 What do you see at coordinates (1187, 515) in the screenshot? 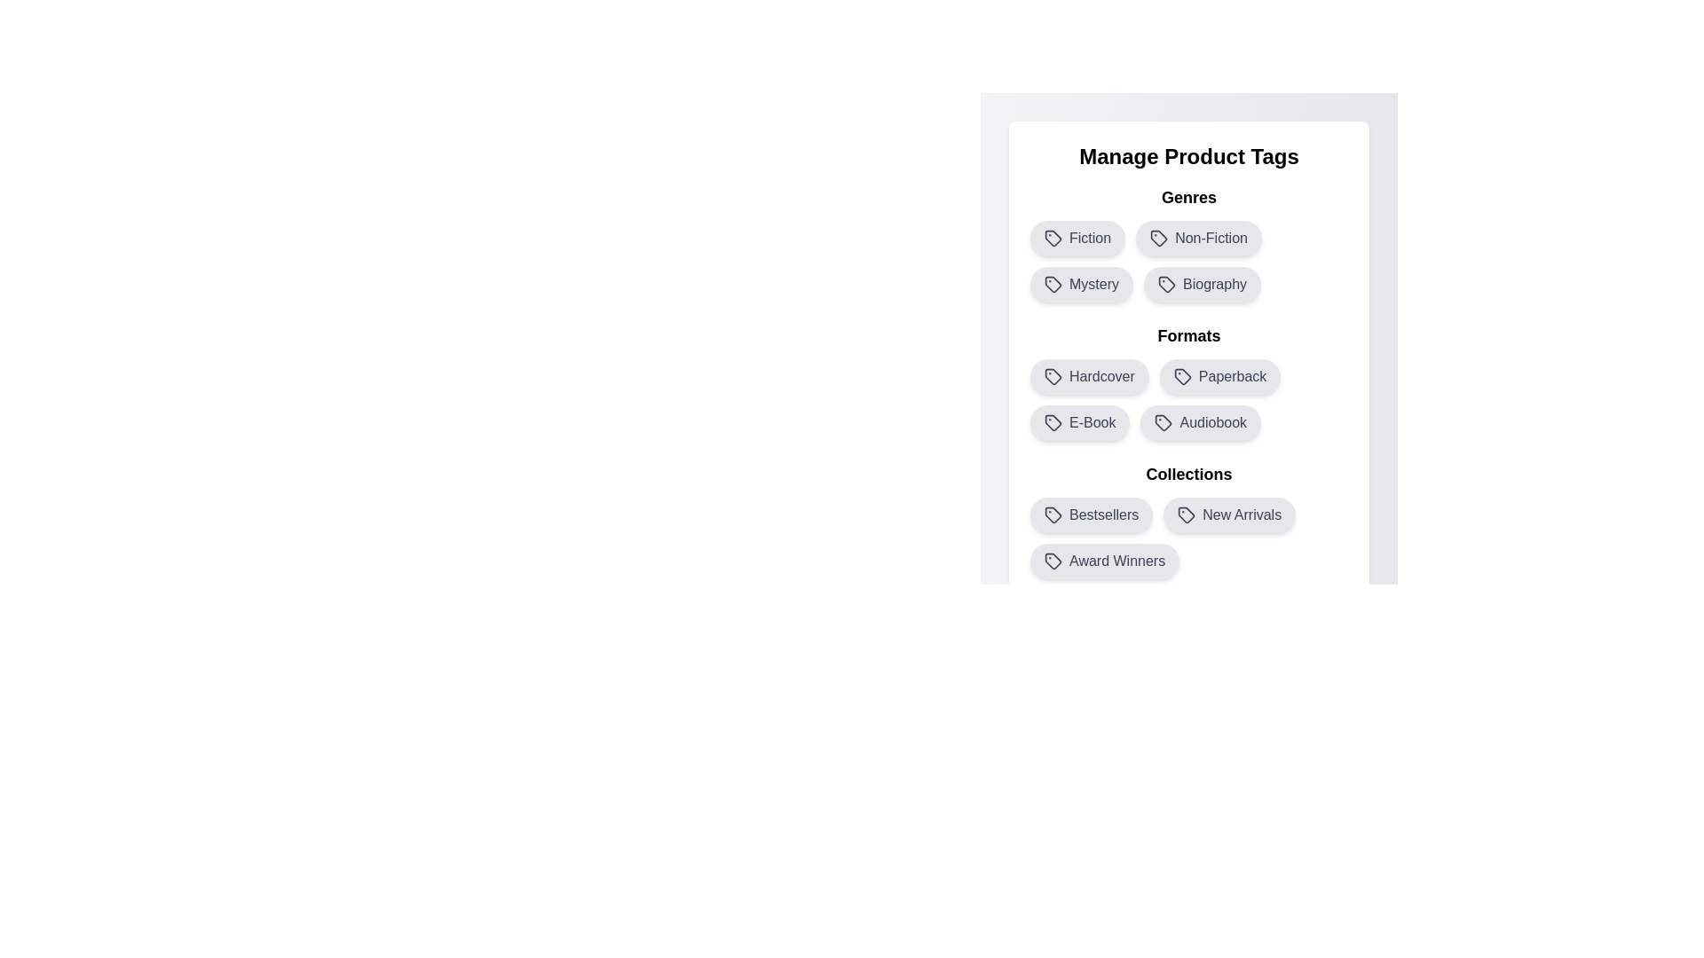
I see `the outer shape of the tag icon in the 'New Arrivals' section of the 'Collections' group` at bounding box center [1187, 515].